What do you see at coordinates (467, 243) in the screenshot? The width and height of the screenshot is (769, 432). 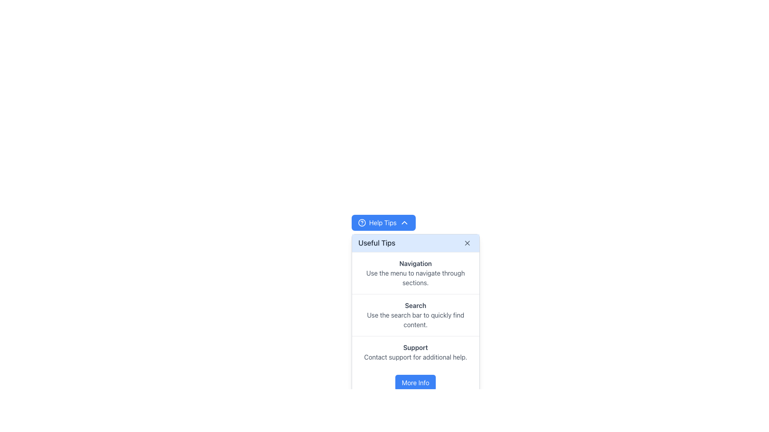 I see `the Close Button icon located in the top-right corner of the Useful Tips popup` at bounding box center [467, 243].